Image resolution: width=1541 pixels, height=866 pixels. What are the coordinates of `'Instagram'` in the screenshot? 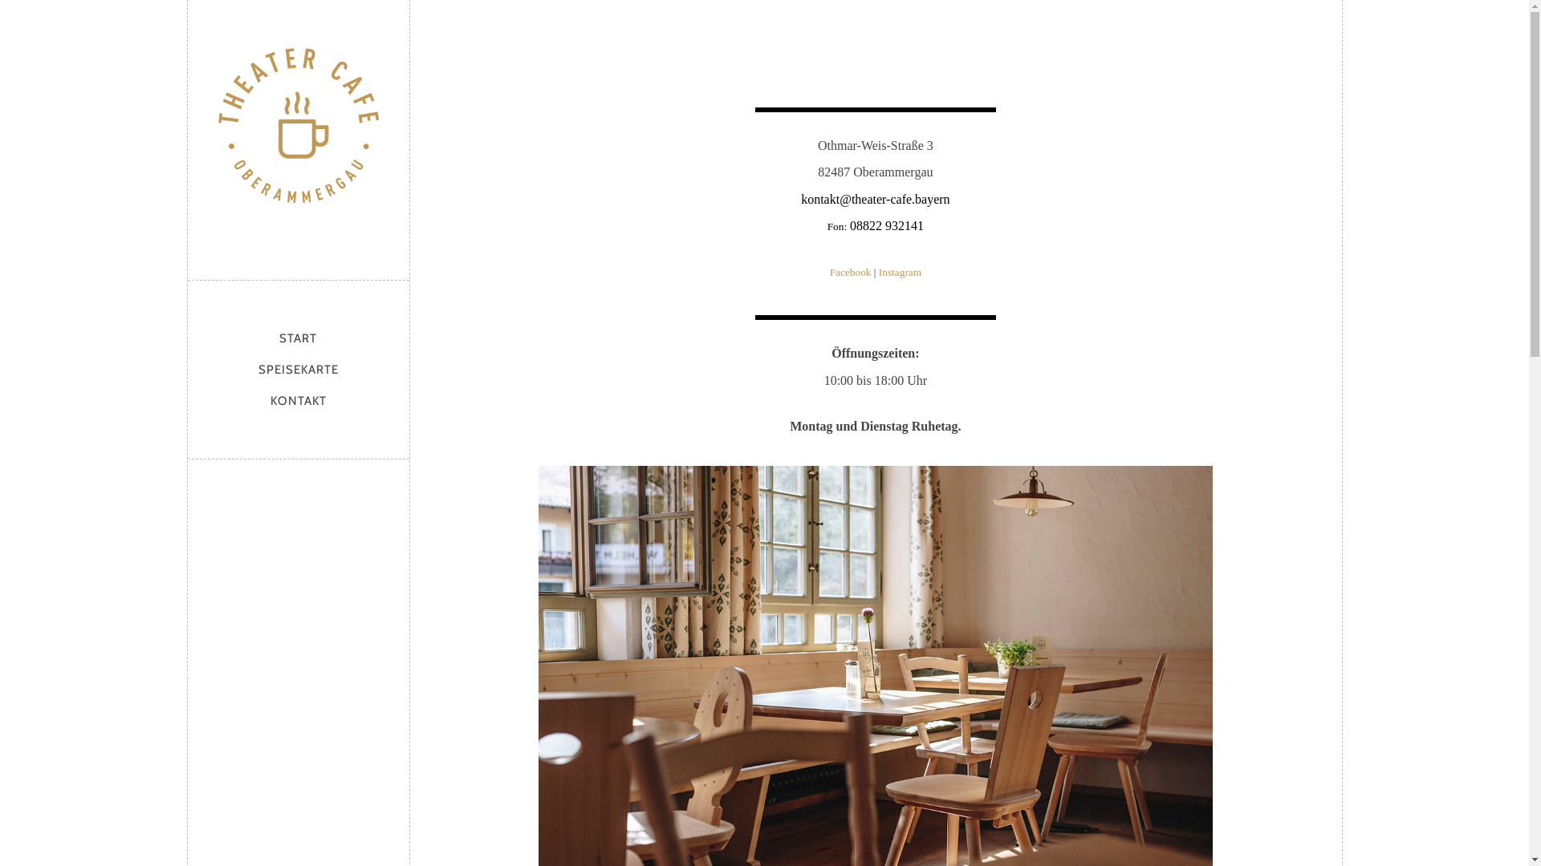 It's located at (900, 271).